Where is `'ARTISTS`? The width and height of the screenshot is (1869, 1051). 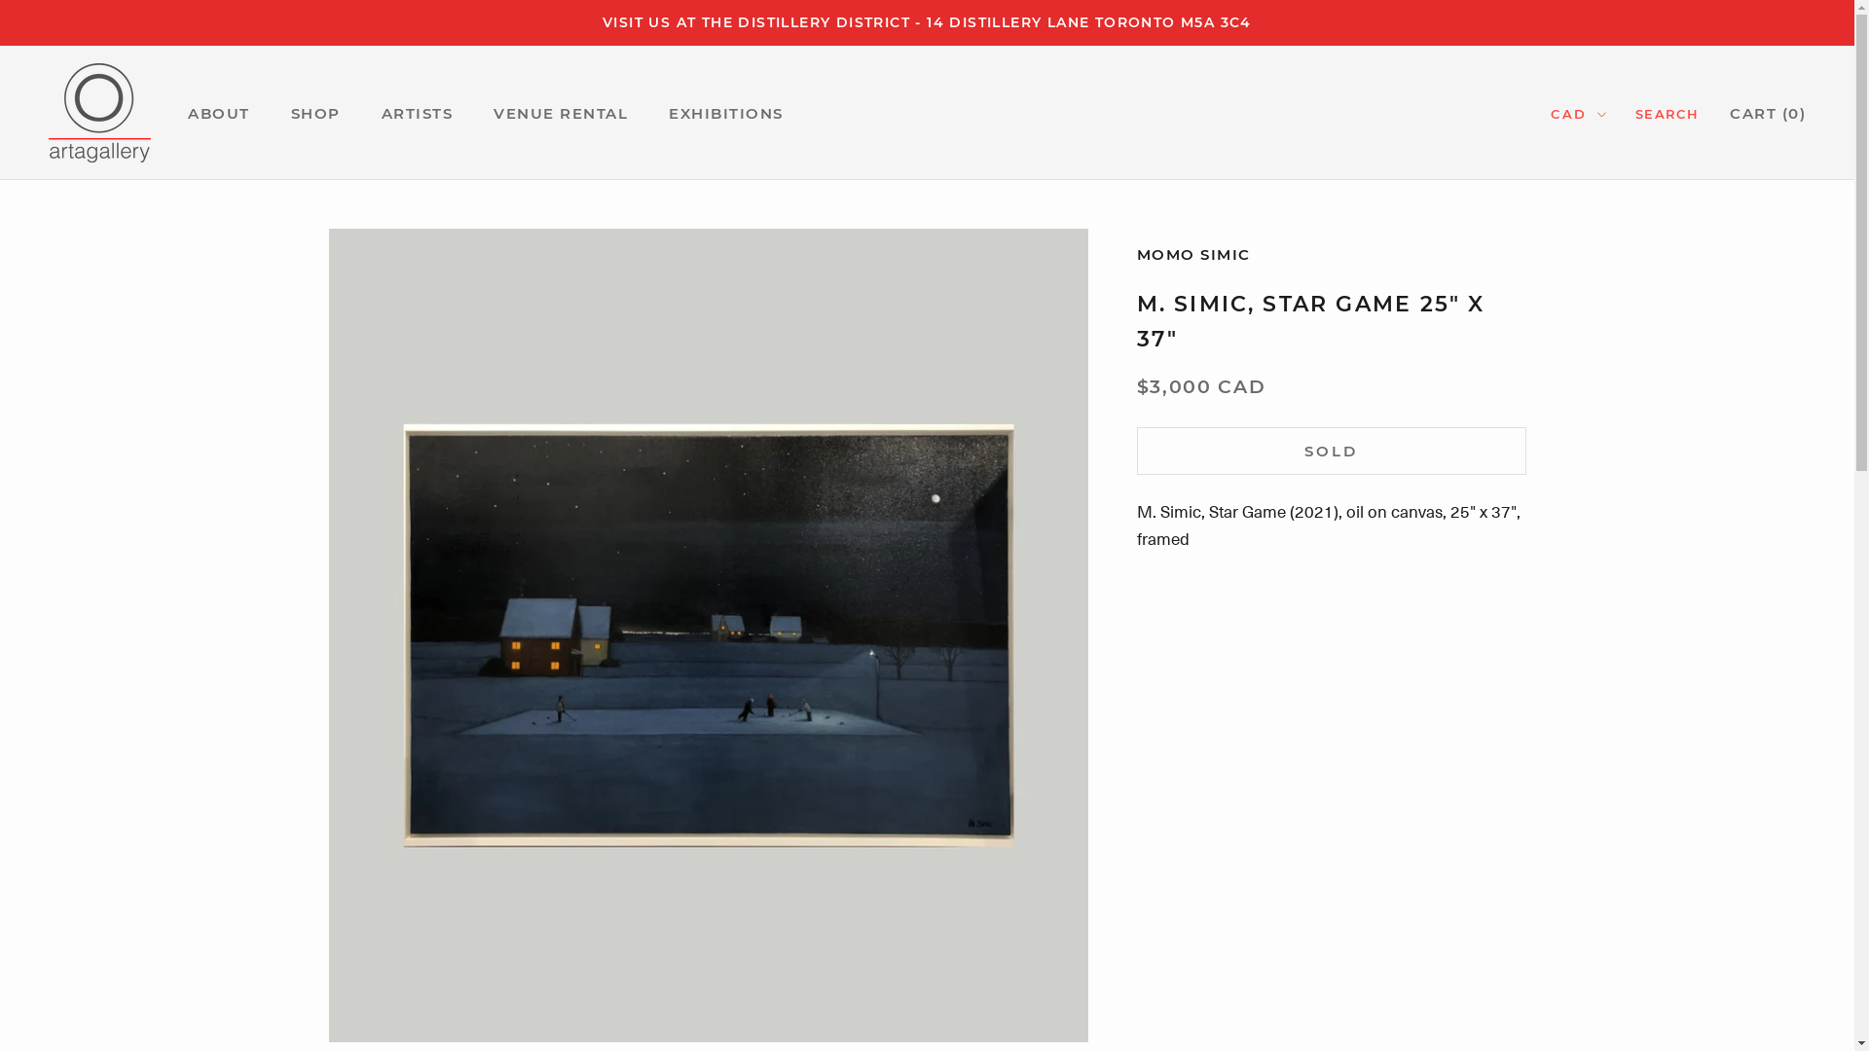 'ARTISTS is located at coordinates (416, 113).